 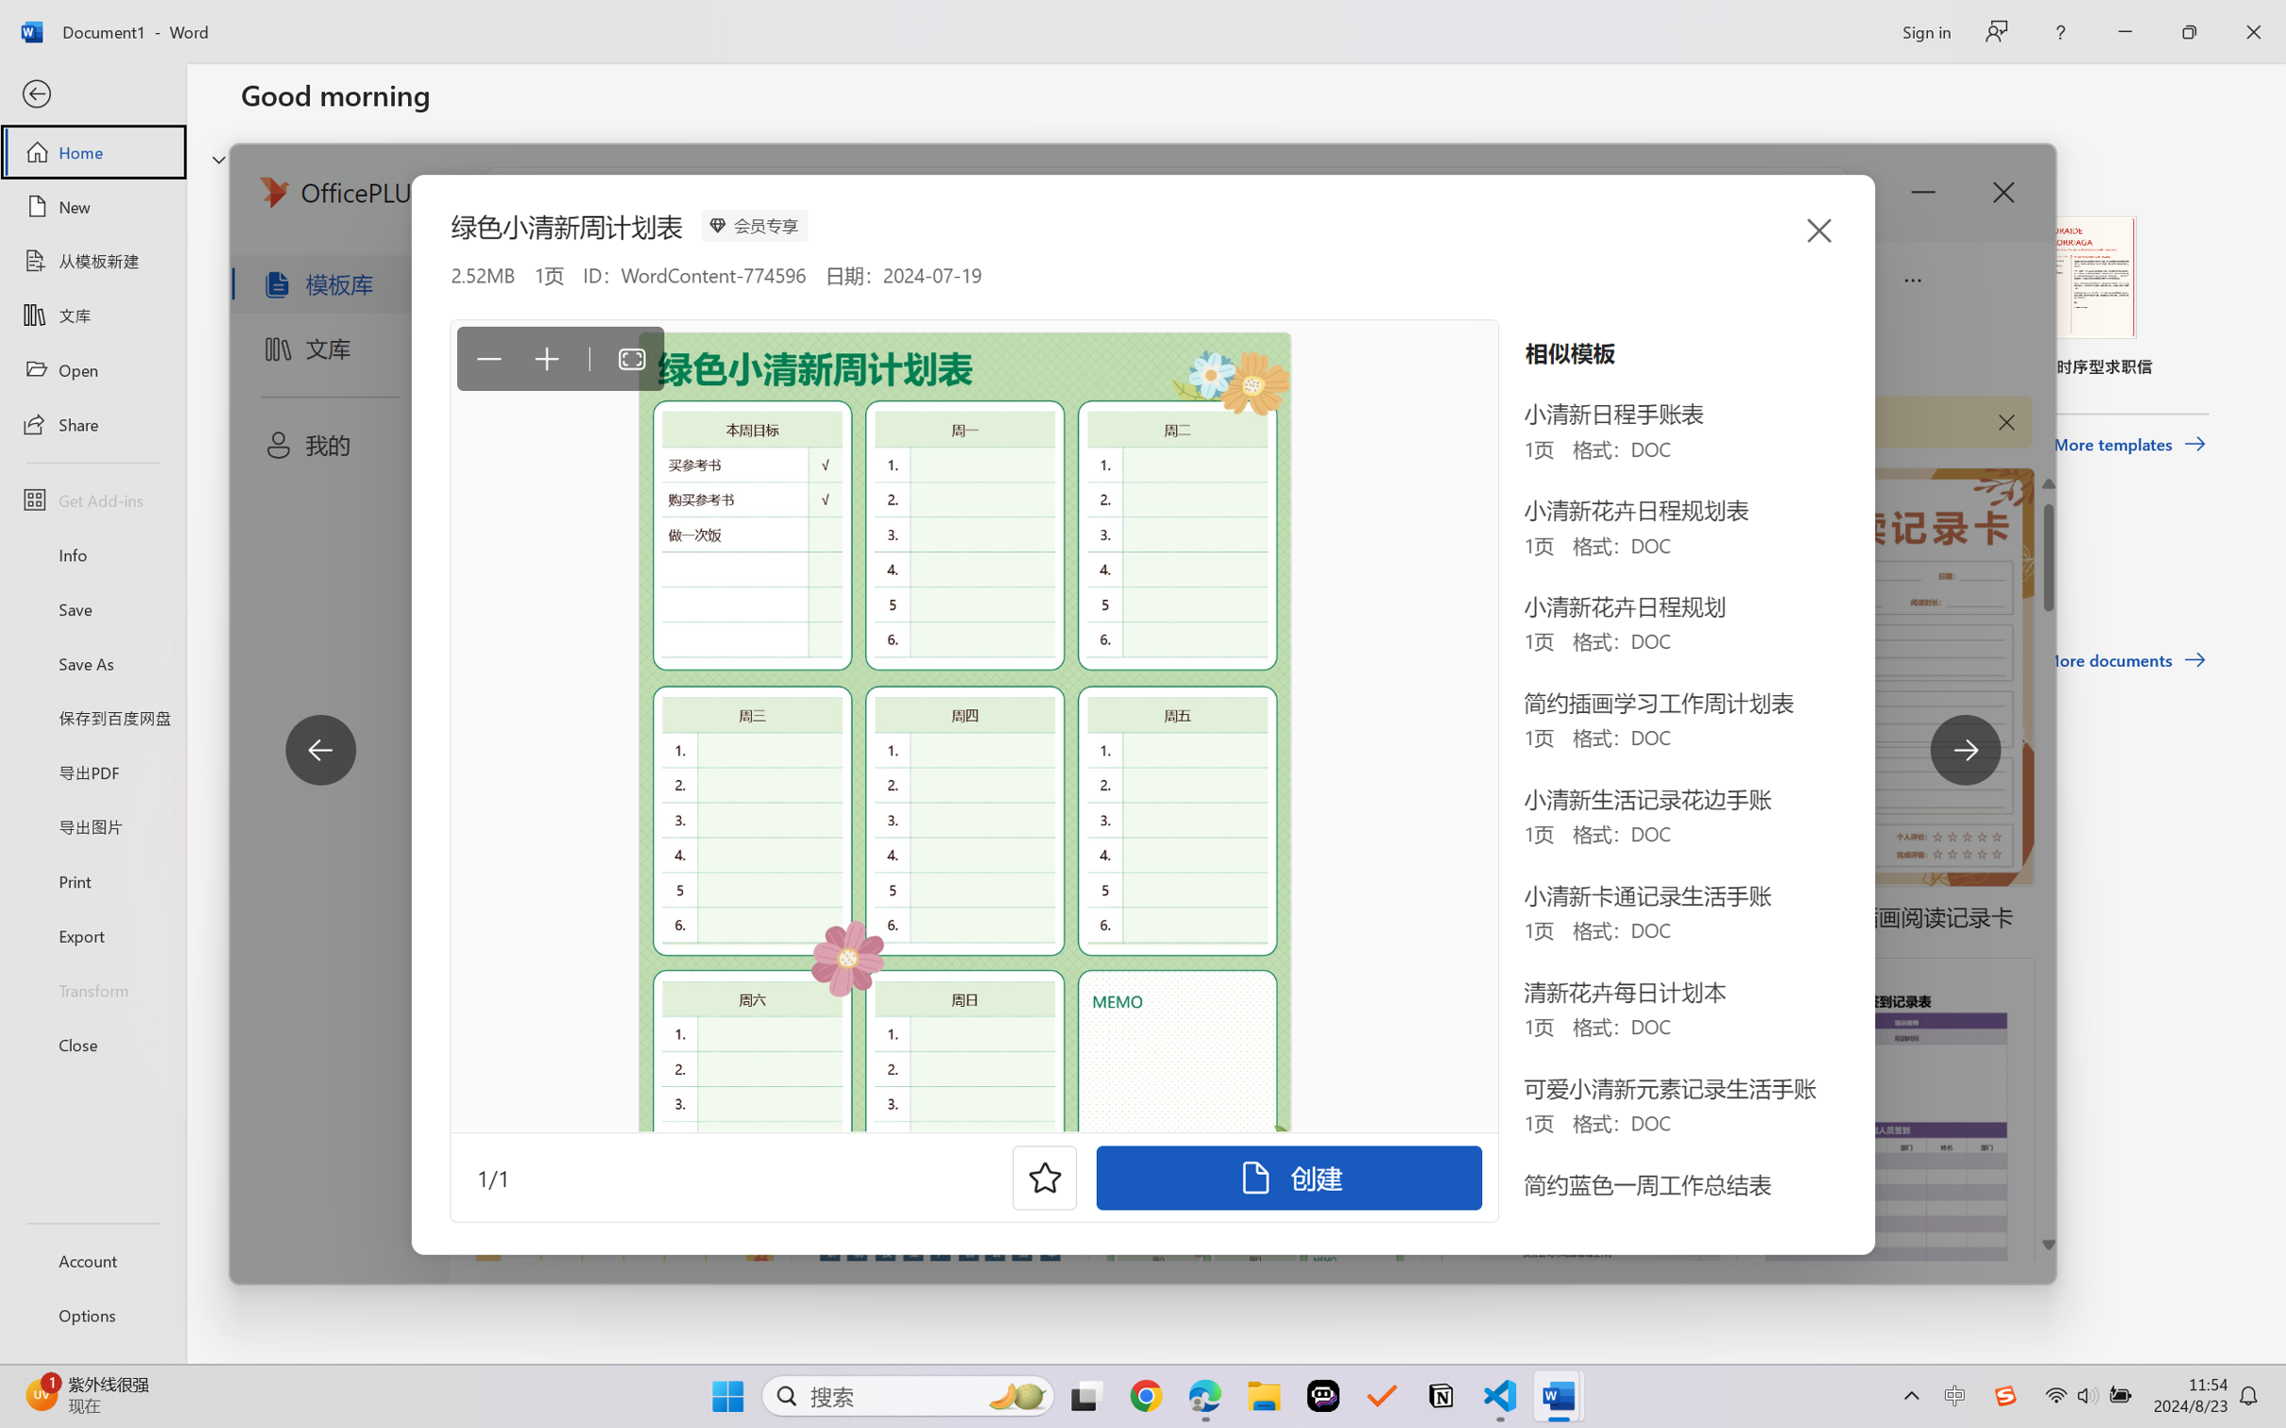 What do you see at coordinates (92, 1260) in the screenshot?
I see `'Account'` at bounding box center [92, 1260].